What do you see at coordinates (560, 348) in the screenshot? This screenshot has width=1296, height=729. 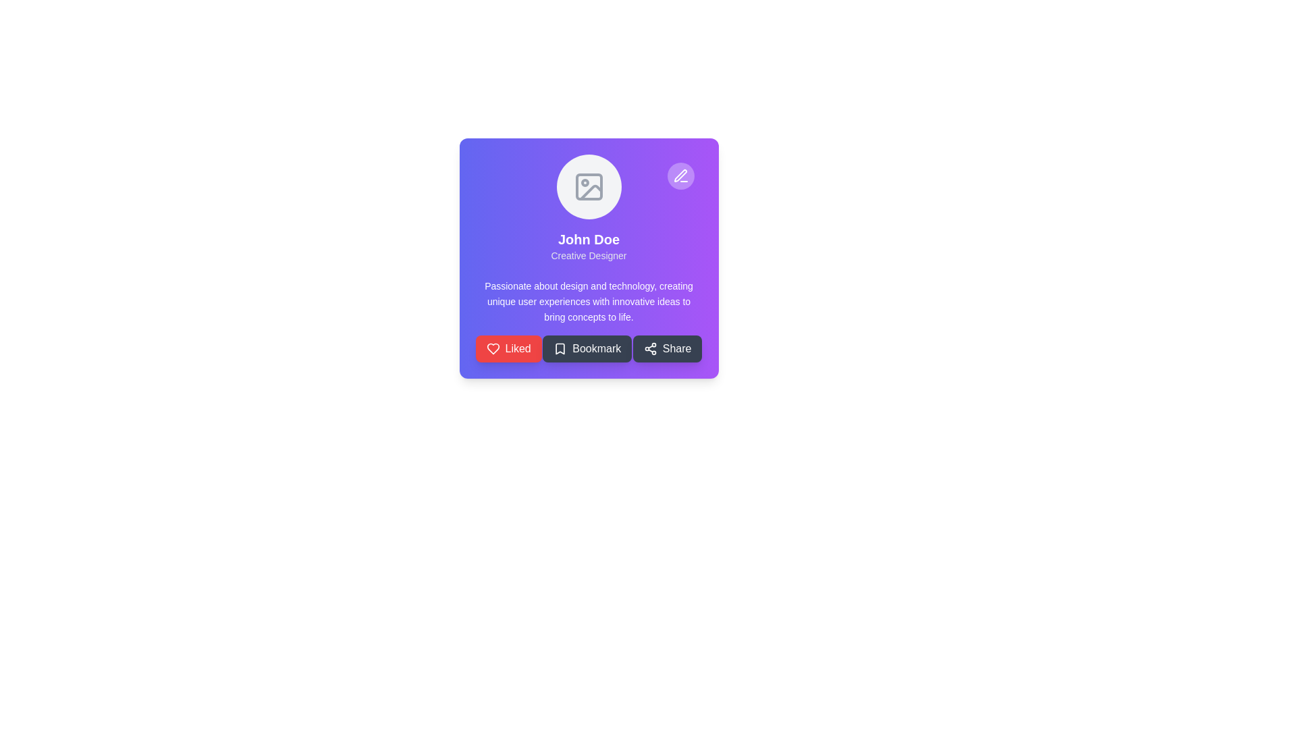 I see `the bookmark icon located centrally within the 'Bookmark' button, positioned below the main description text` at bounding box center [560, 348].